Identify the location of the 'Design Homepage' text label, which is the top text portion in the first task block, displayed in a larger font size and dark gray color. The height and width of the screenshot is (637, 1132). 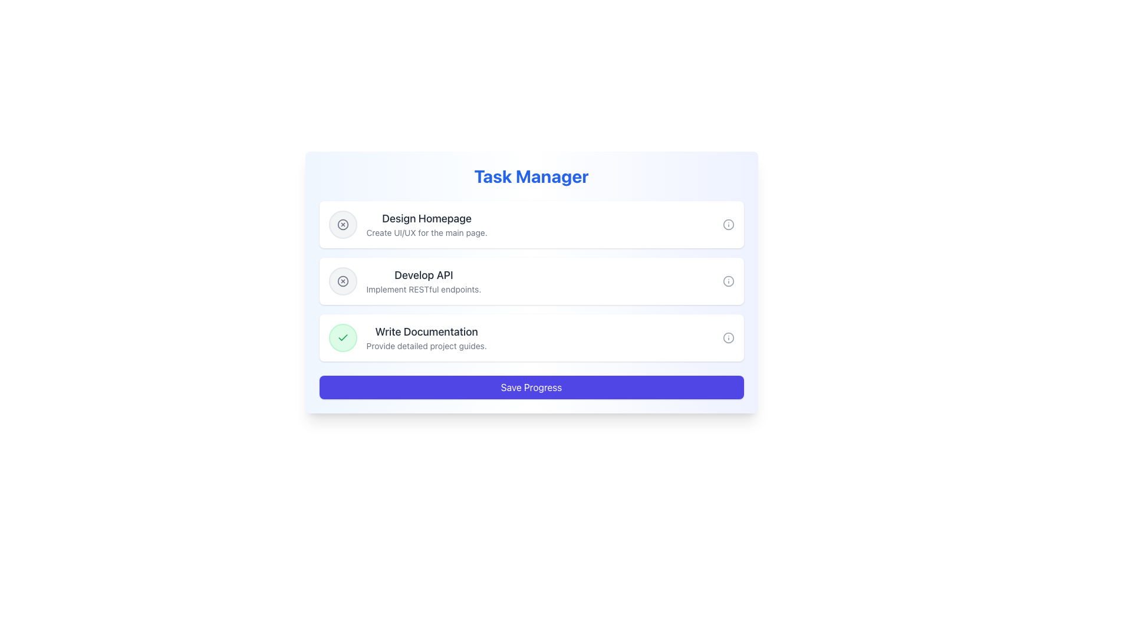
(426, 218).